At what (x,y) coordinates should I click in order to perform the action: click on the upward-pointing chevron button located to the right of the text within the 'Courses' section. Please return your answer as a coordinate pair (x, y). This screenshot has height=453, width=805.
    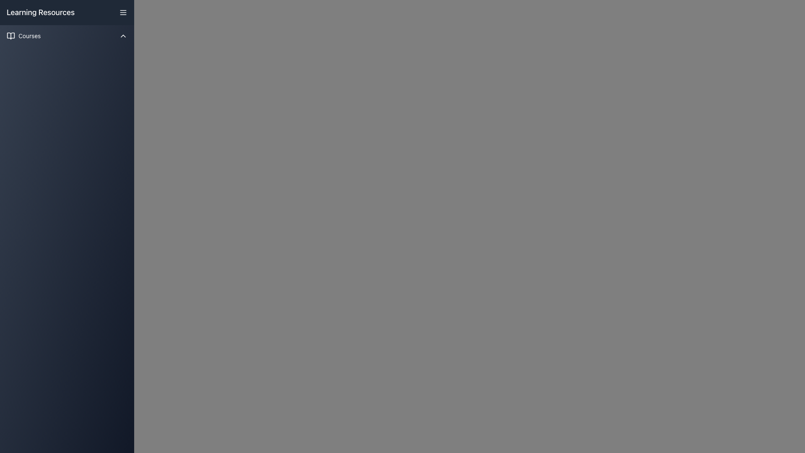
    Looking at the image, I should click on (122, 35).